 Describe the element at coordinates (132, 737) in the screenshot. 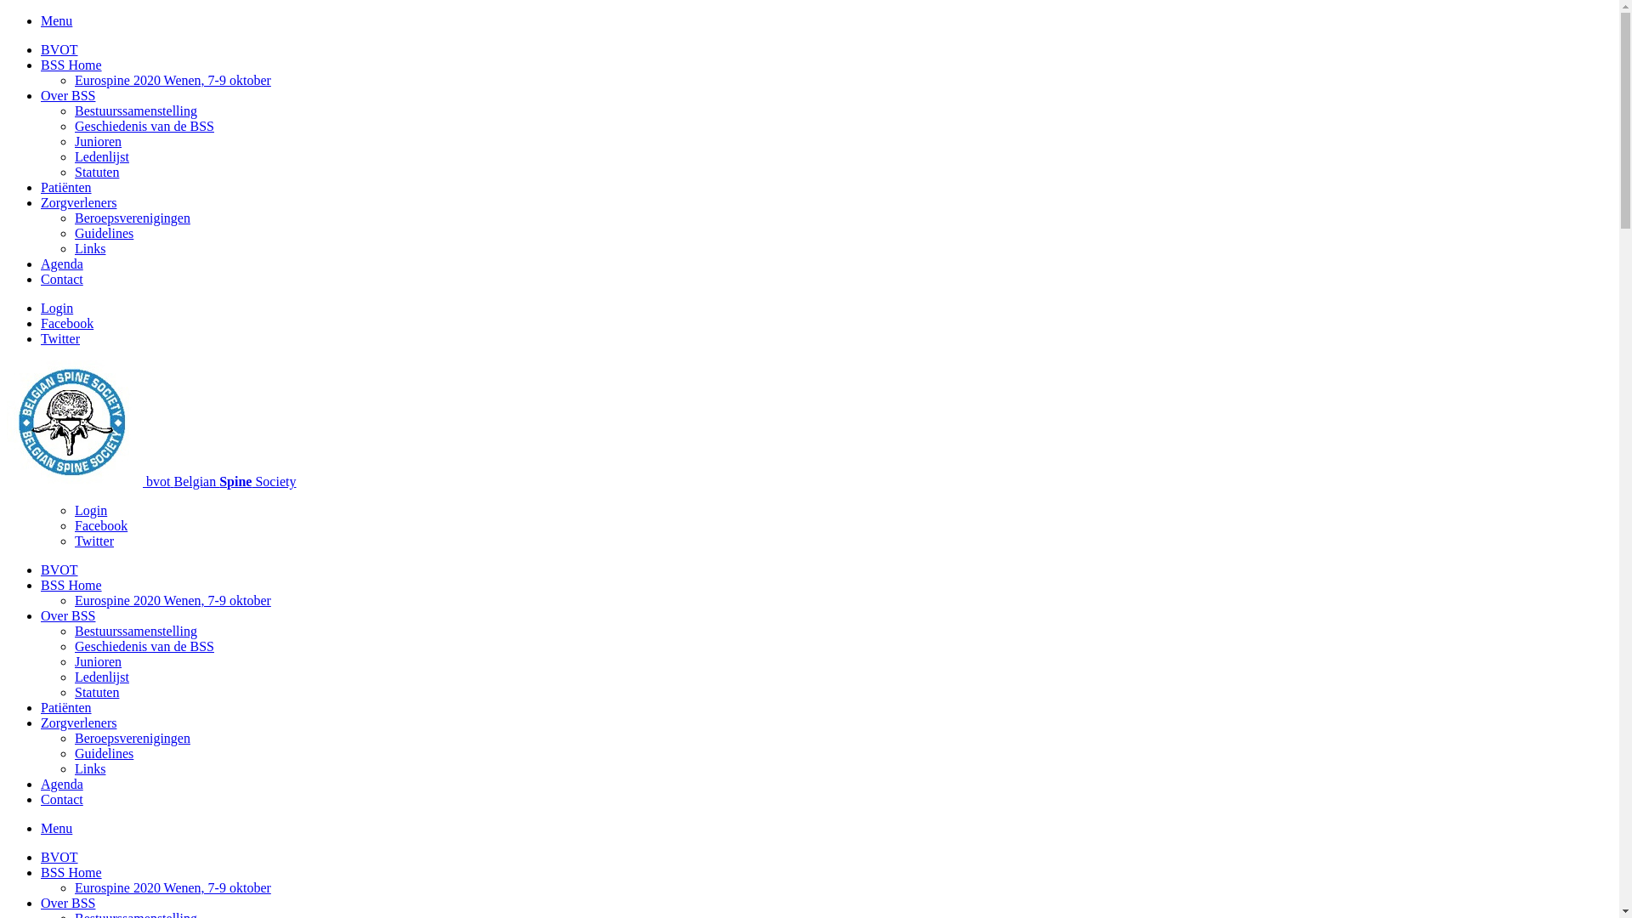

I see `'Beroepsverenigingen'` at that location.